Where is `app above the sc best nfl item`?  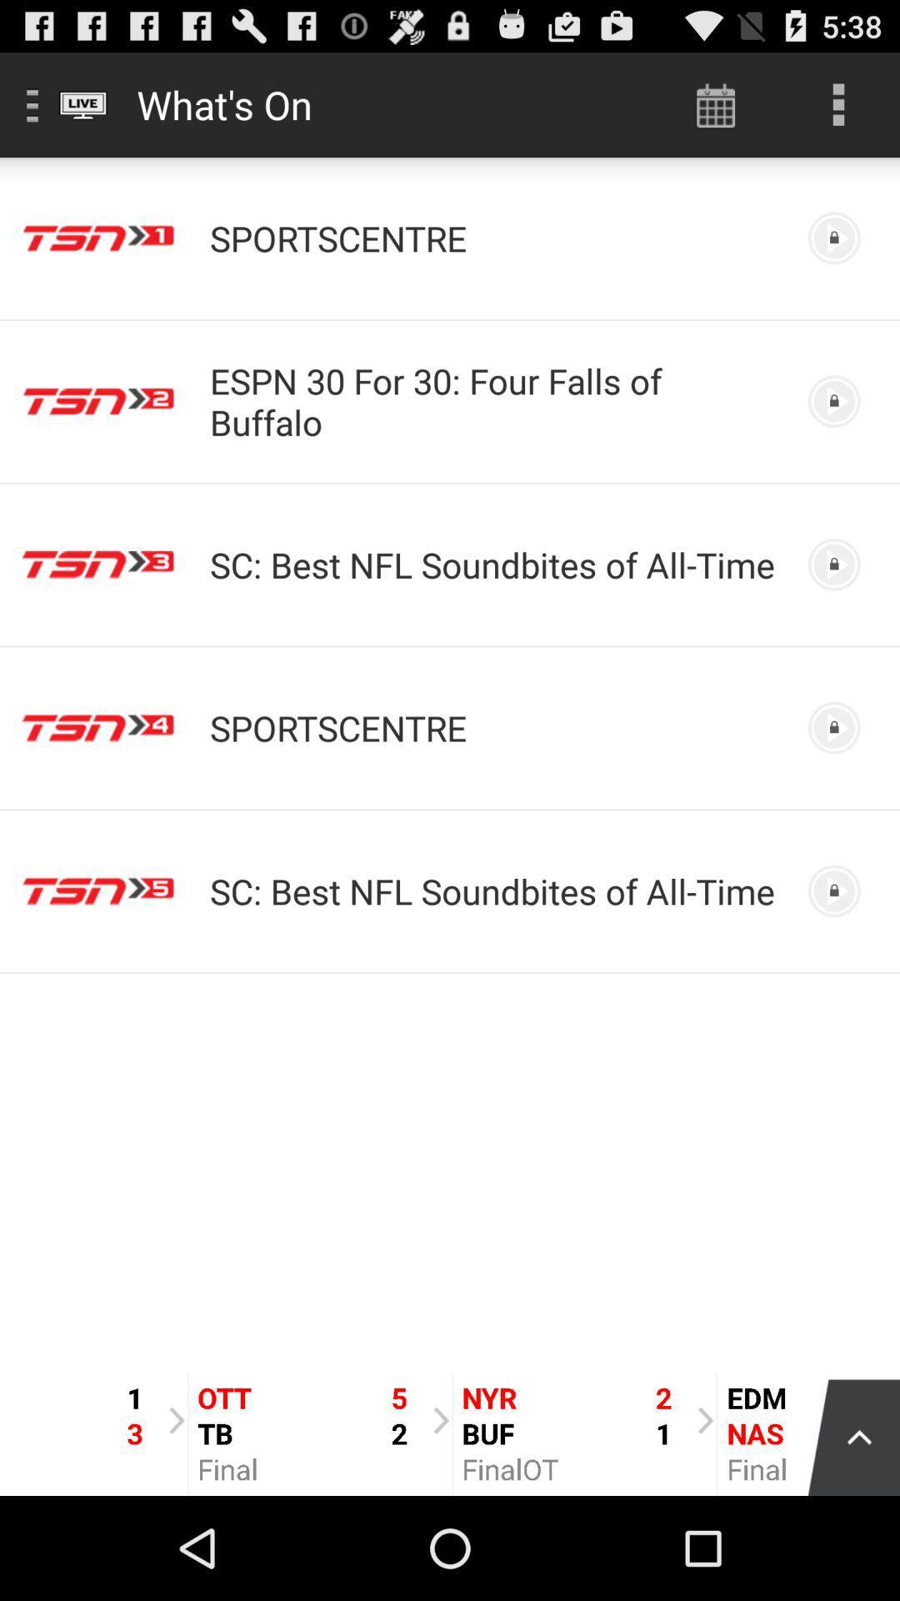 app above the sc best nfl item is located at coordinates (493, 401).